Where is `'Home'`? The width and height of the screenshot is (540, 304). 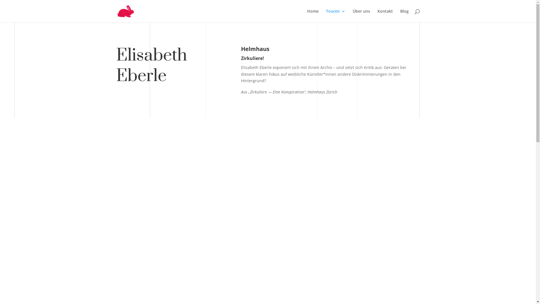
'Home' is located at coordinates (312, 15).